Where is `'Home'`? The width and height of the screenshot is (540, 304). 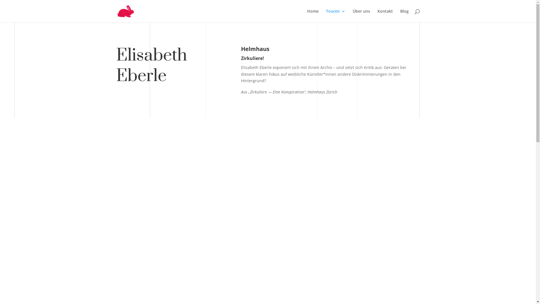
'Home' is located at coordinates (312, 15).